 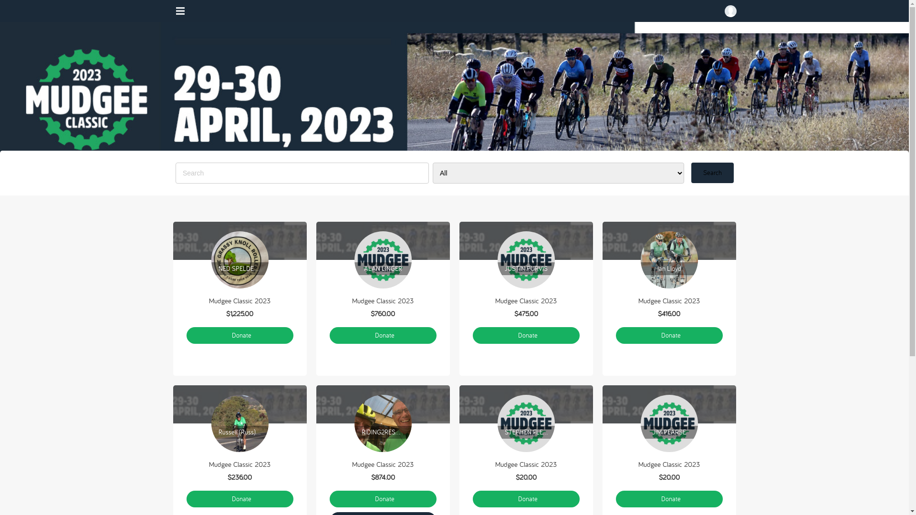 What do you see at coordinates (239, 259) in the screenshot?
I see `'NED SPELDEWINDE'` at bounding box center [239, 259].